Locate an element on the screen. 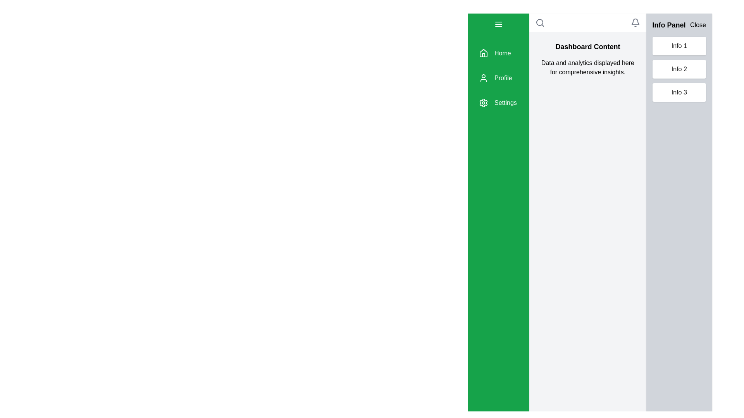 Image resolution: width=744 pixels, height=418 pixels. the 'Settings' label located in the vertical navigation bar, which is the third item following 'Home' and 'Profile' is located at coordinates (505, 103).